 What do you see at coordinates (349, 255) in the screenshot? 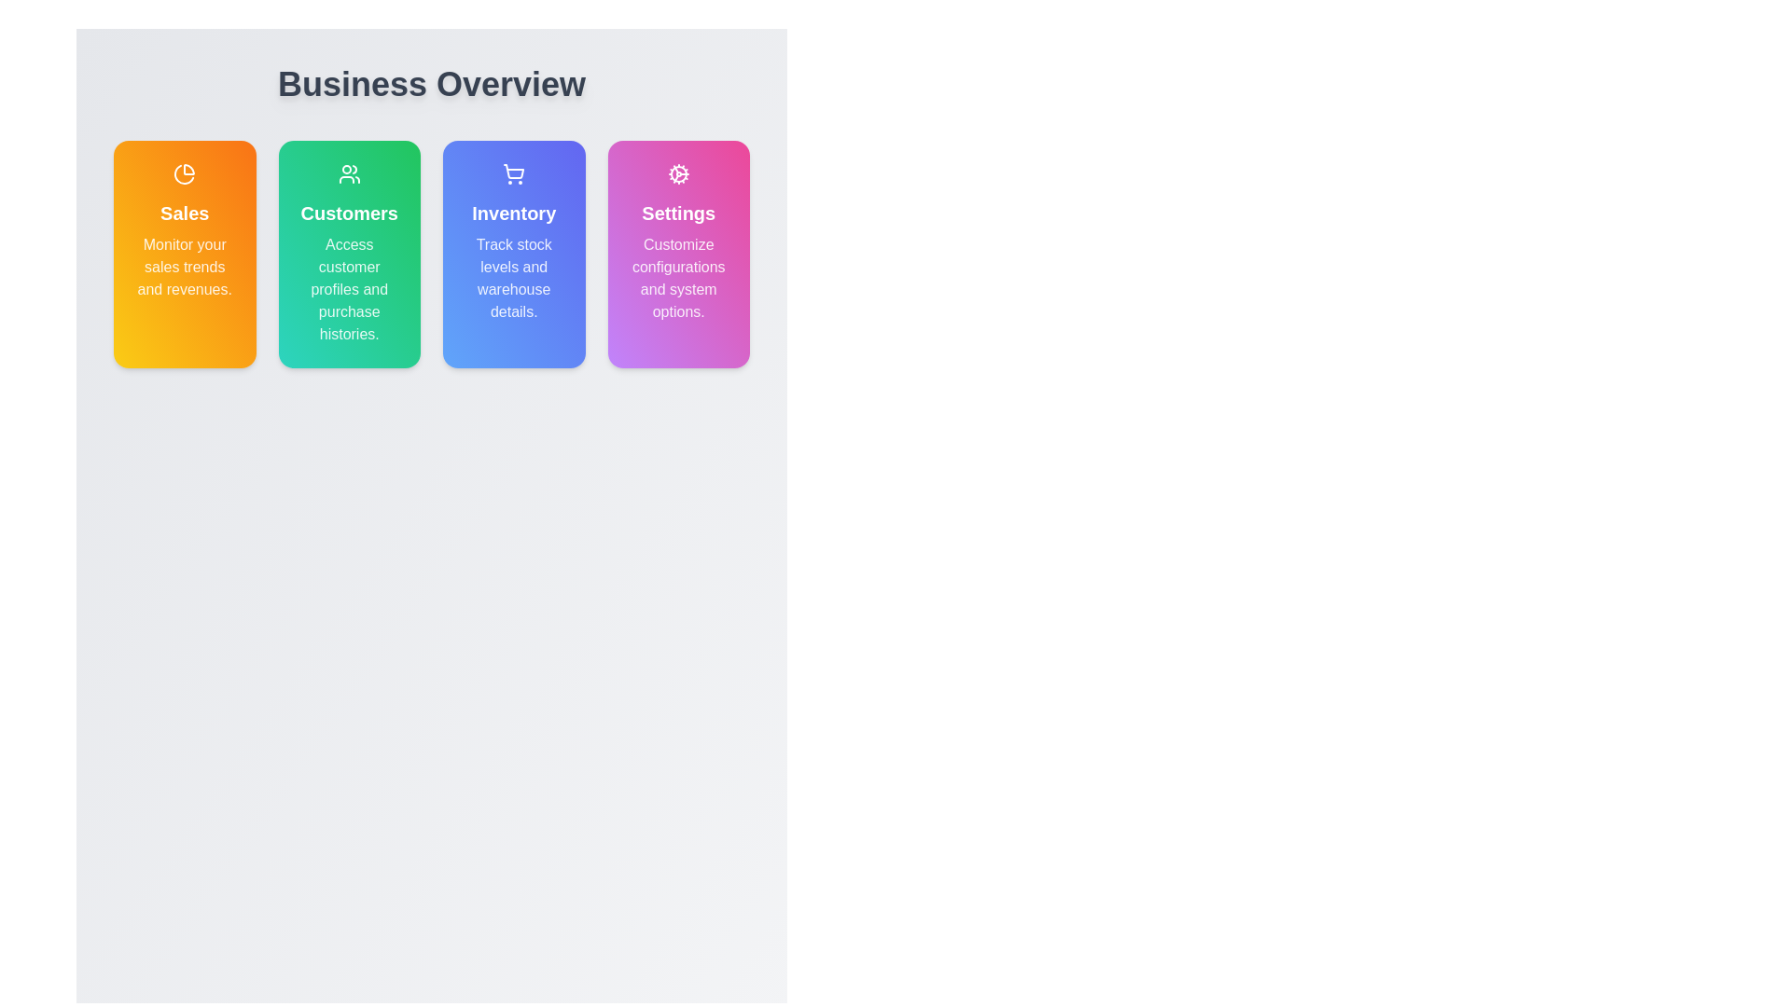
I see `the 'Customers' navigation card, which is the second card from the left in a grid of four cards labeled 'Sales,' 'Customers,' 'Inventory,' and 'Settings,'` at bounding box center [349, 255].